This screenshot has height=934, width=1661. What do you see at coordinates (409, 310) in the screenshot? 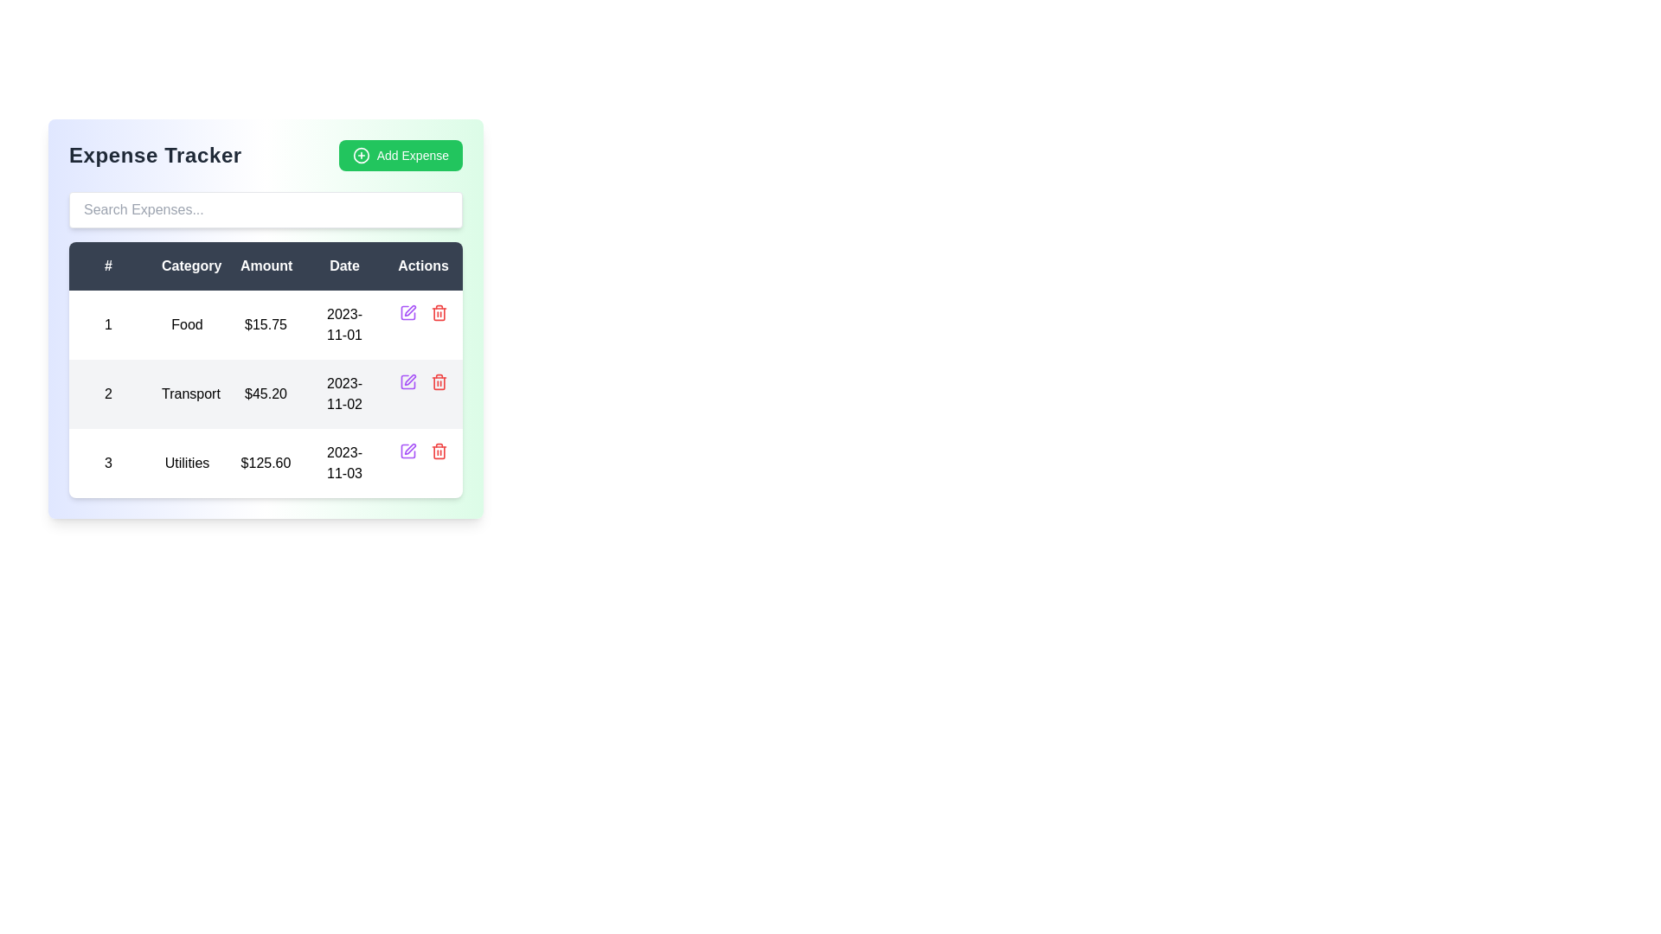
I see `the pen icon button with purple outlines in the Actions column of the second row of the expense table` at bounding box center [409, 310].